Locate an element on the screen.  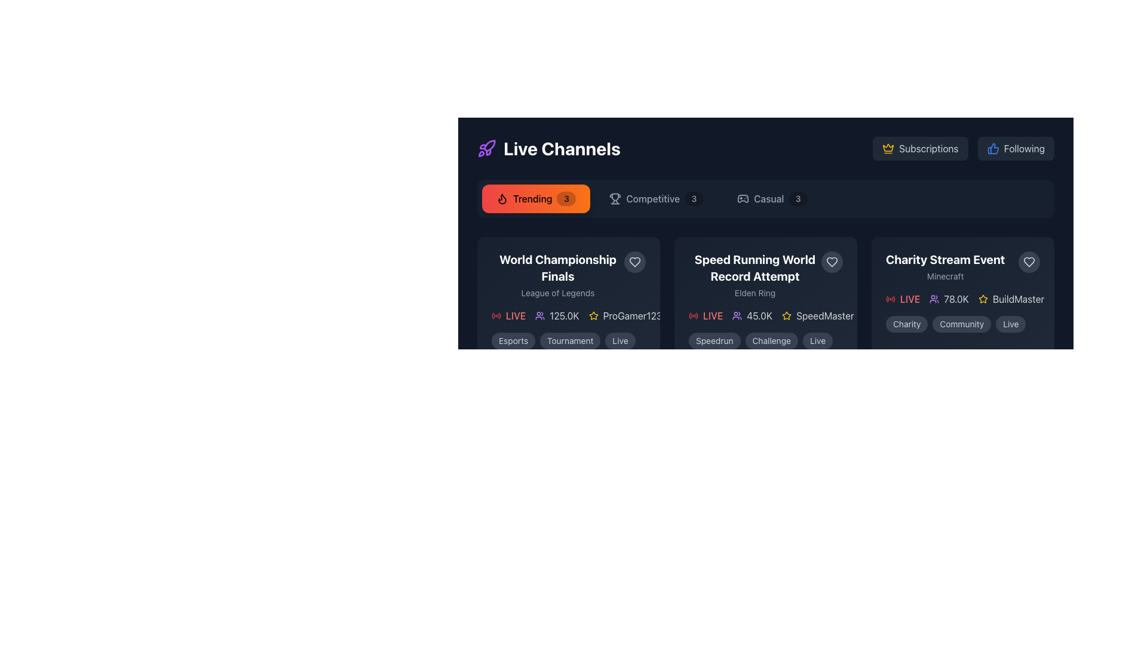
text from the title and description of the streaming channel preview card located in the second card of the horizontal row is located at coordinates (754, 275).